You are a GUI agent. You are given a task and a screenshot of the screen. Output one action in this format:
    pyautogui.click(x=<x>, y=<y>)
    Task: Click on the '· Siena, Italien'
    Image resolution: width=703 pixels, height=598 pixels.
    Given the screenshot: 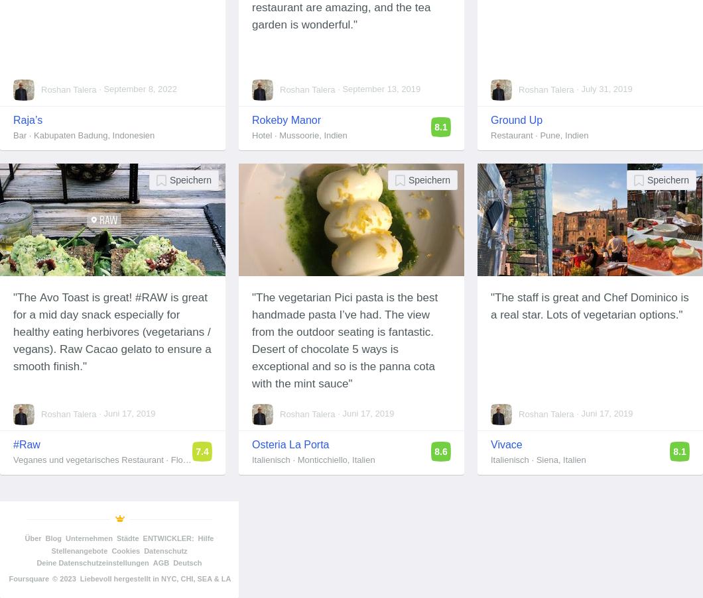 What is the action you would take?
    pyautogui.click(x=557, y=459)
    